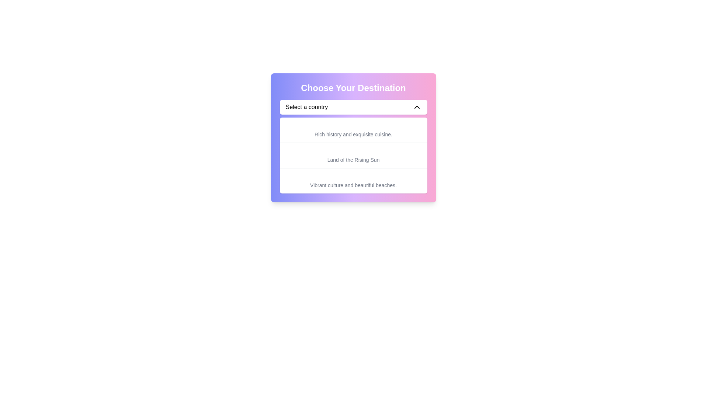  Describe the element at coordinates (353, 155) in the screenshot. I see `the text label providing additional information about 'Japan' in the dropdown list, positioned between 'France' and 'Brazil'` at that location.